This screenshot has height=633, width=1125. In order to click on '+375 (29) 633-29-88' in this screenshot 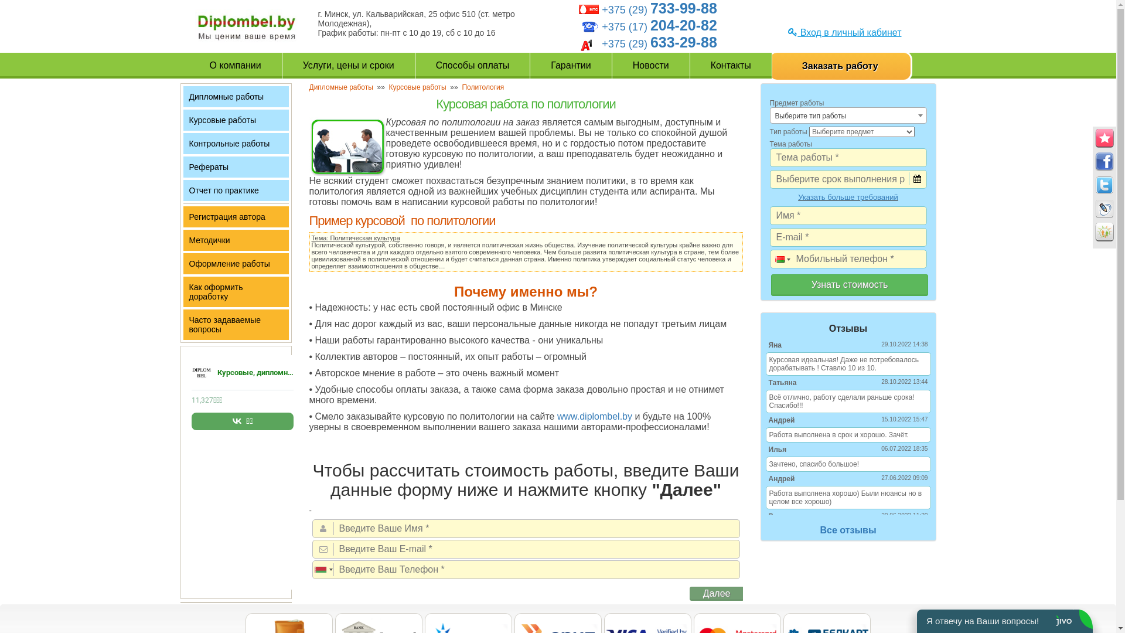, I will do `click(659, 43)`.